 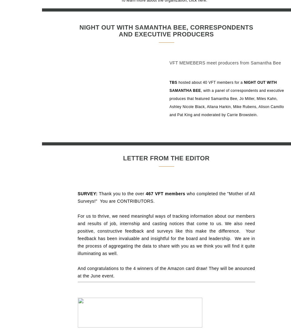 What do you see at coordinates (226, 102) in the screenshot?
I see `', with a panel of correspondents and executive produces that featured Samantha Bee, Jo Miller, Miles Kahn, Ashley Nicole Black, Allana Harkin, Mike Rubens, Alison Camillo and Pat King and moderated by Carrie Browstein.'` at bounding box center [226, 102].